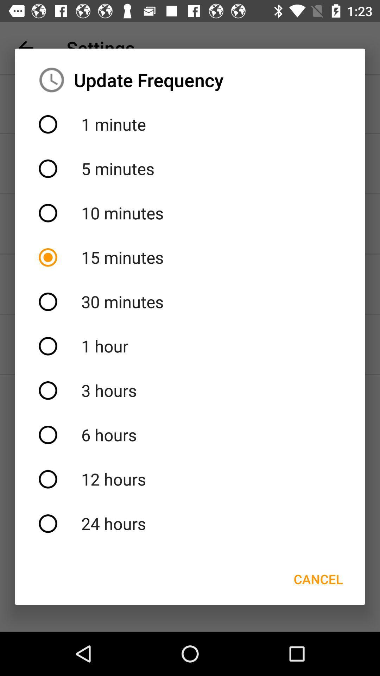 The image size is (380, 676). I want to click on the item below 6 hours, so click(190, 479).